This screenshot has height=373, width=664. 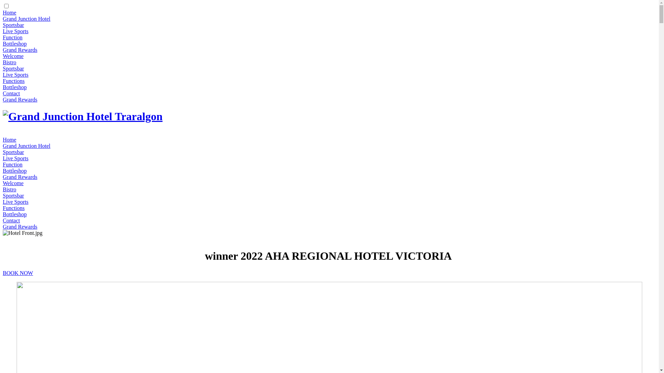 What do you see at coordinates (20, 49) in the screenshot?
I see `'Grand Rewards'` at bounding box center [20, 49].